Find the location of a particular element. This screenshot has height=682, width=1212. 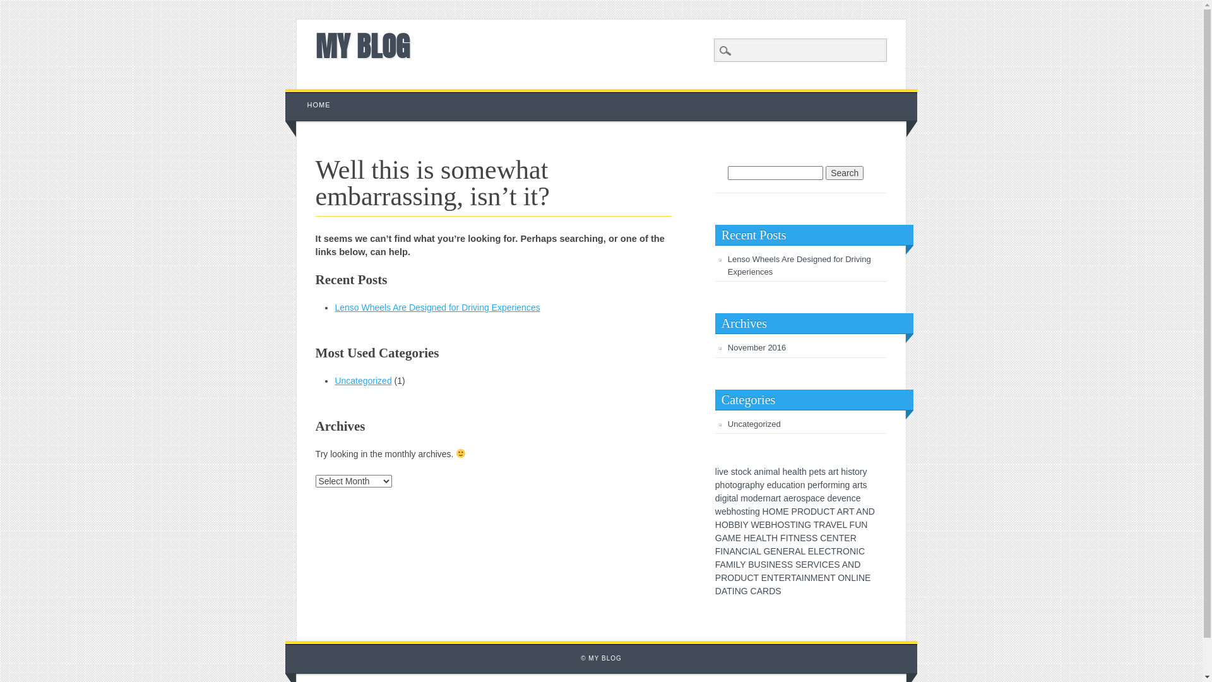

'w' is located at coordinates (718, 512).